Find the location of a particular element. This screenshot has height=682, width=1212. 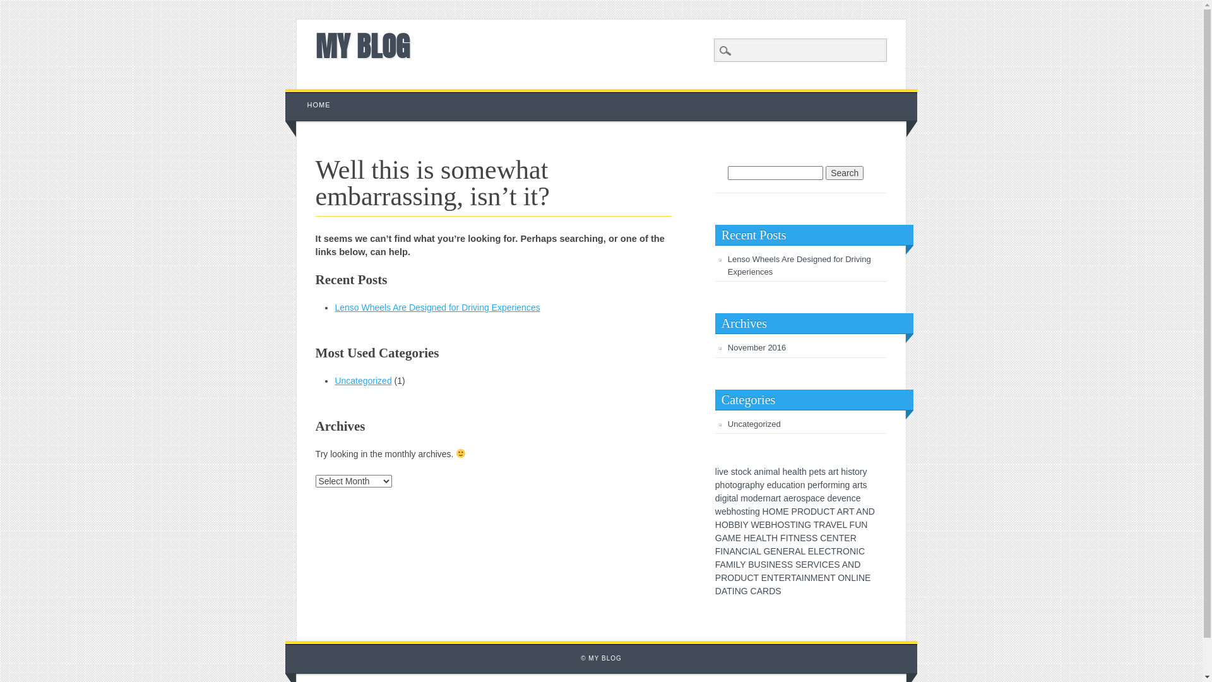

'w' is located at coordinates (718, 512).